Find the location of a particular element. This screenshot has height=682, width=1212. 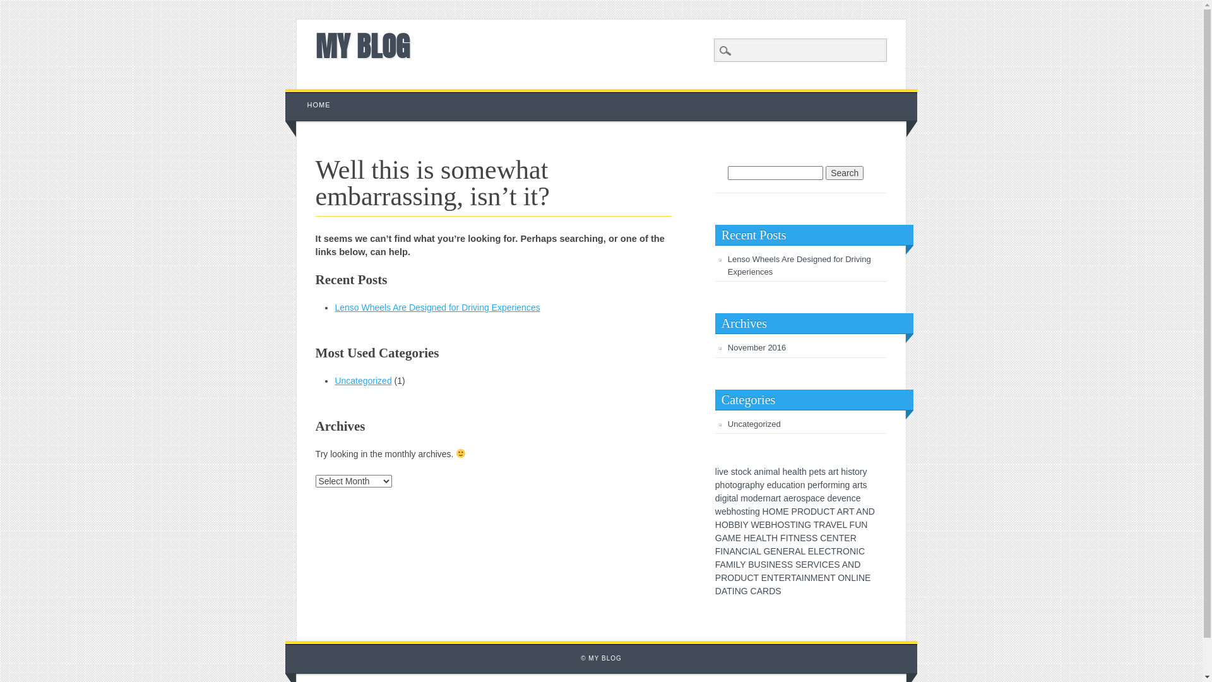

'w' is located at coordinates (718, 512).